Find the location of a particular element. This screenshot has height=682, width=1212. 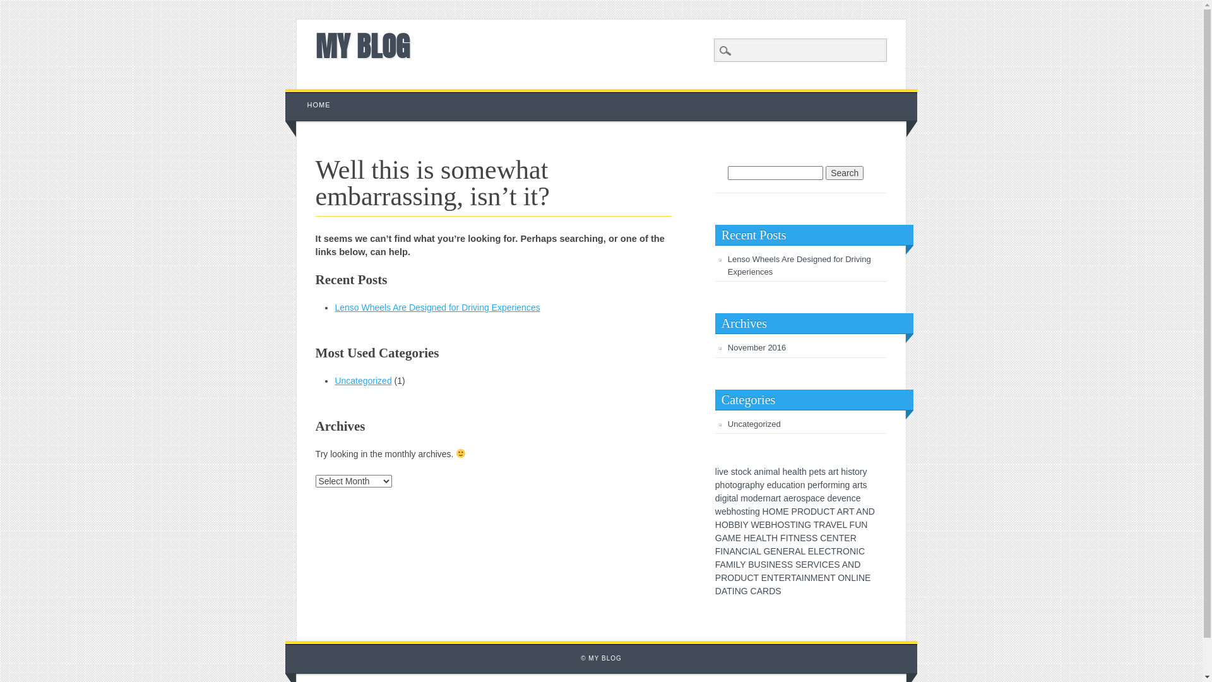

'w' is located at coordinates (718, 512).